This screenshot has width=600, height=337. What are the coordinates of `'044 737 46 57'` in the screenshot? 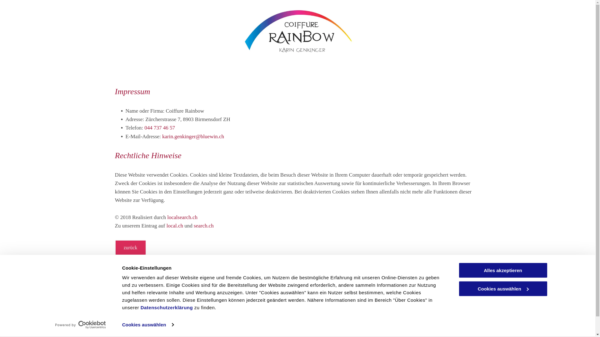 It's located at (159, 127).